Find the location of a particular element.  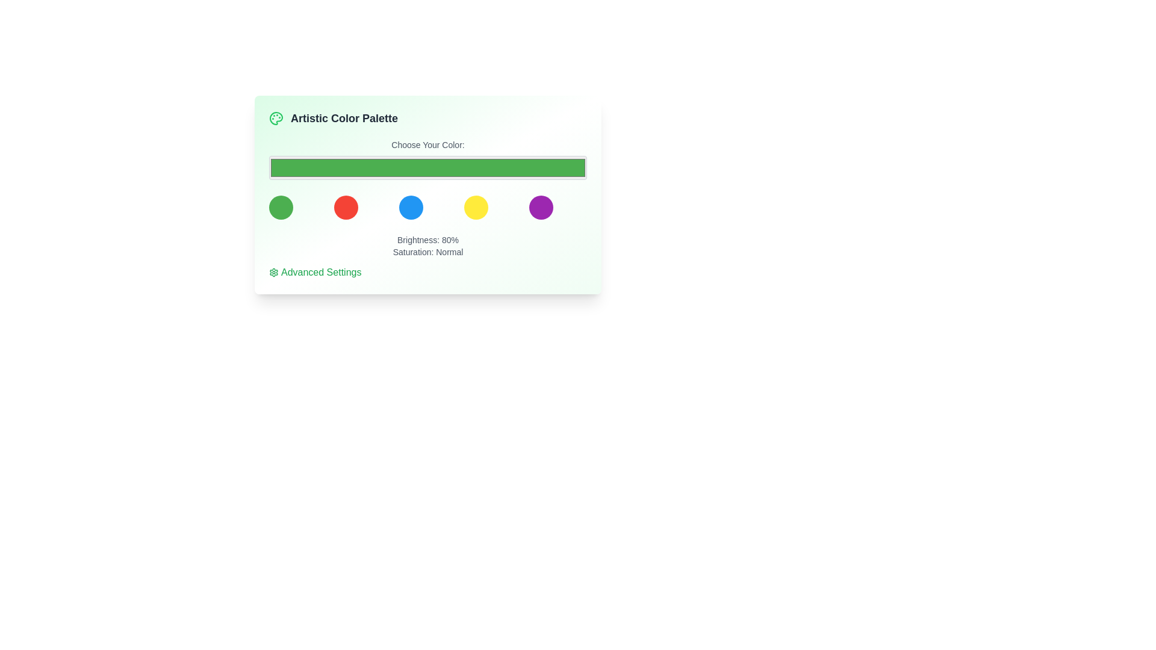

the blue color button in the color palette is located at coordinates (411, 206).